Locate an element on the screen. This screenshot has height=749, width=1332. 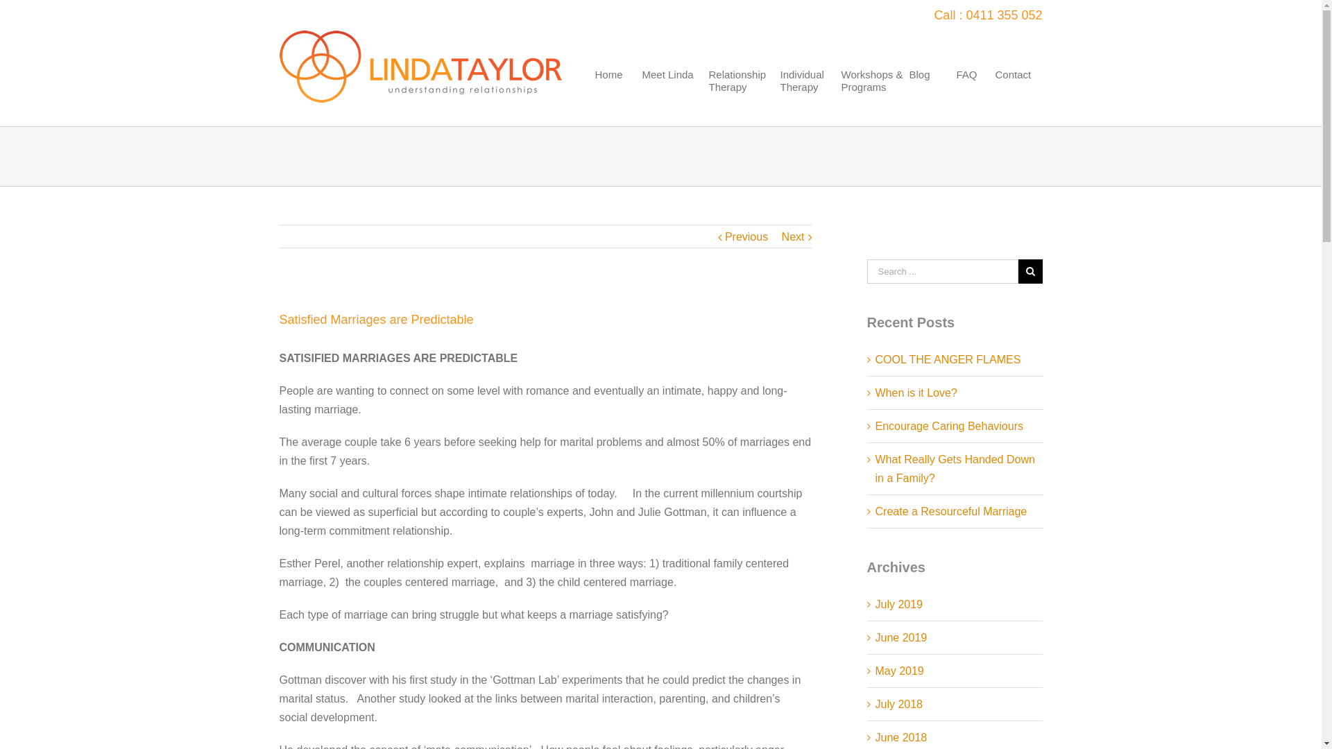
'Workshops & Programs' is located at coordinates (871, 96).